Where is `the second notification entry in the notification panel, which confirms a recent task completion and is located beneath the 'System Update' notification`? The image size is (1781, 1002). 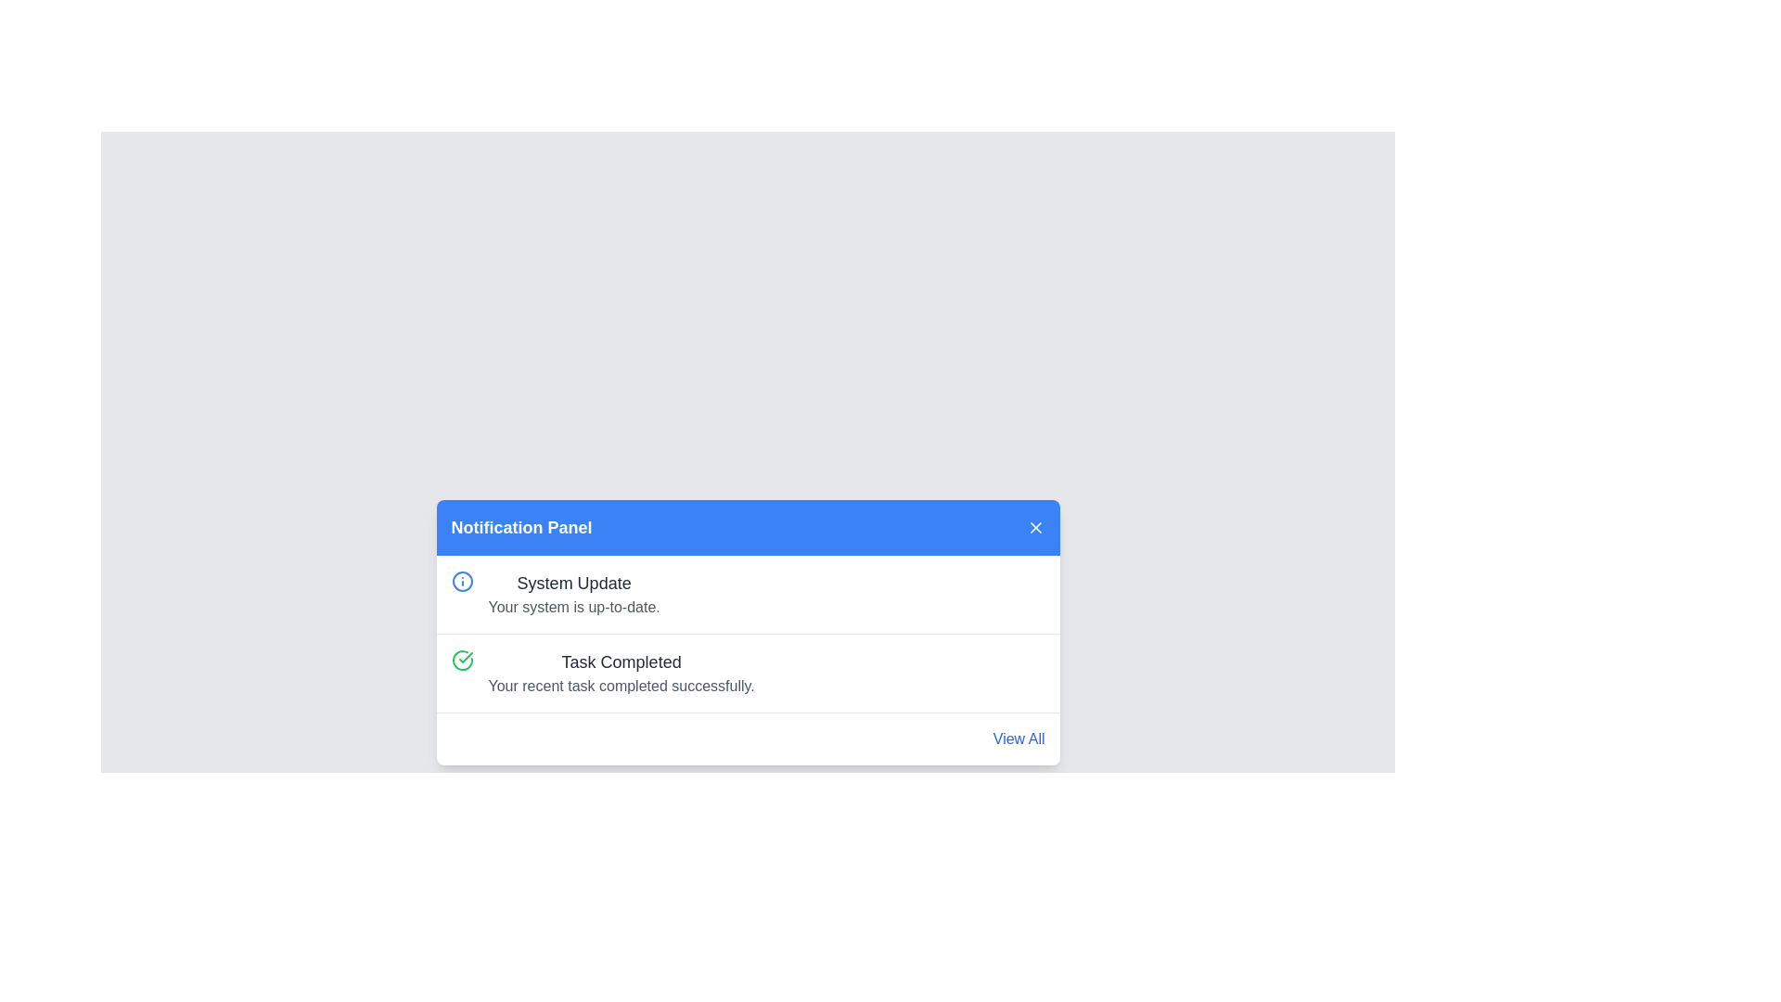
the second notification entry in the notification panel, which confirms a recent task completion and is located beneath the 'System Update' notification is located at coordinates (621, 673).